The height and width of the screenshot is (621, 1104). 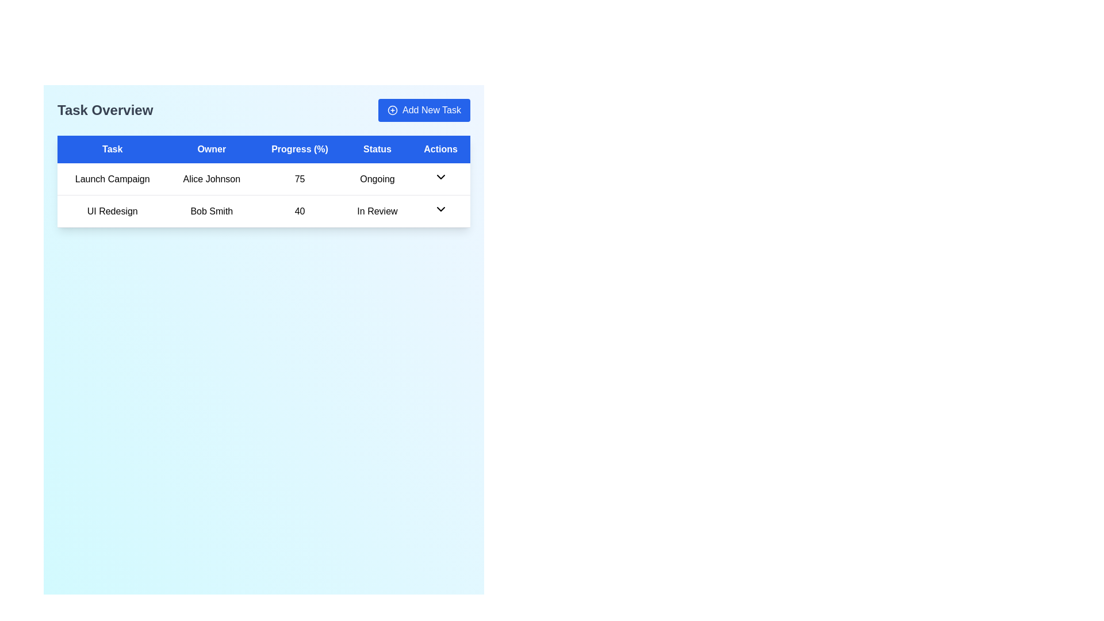 I want to click on text label displaying the number '40' located in the 'Progress (%)' column of the table, directly to the right of 'Bob Smith' and left of 'In Review', so click(x=300, y=211).